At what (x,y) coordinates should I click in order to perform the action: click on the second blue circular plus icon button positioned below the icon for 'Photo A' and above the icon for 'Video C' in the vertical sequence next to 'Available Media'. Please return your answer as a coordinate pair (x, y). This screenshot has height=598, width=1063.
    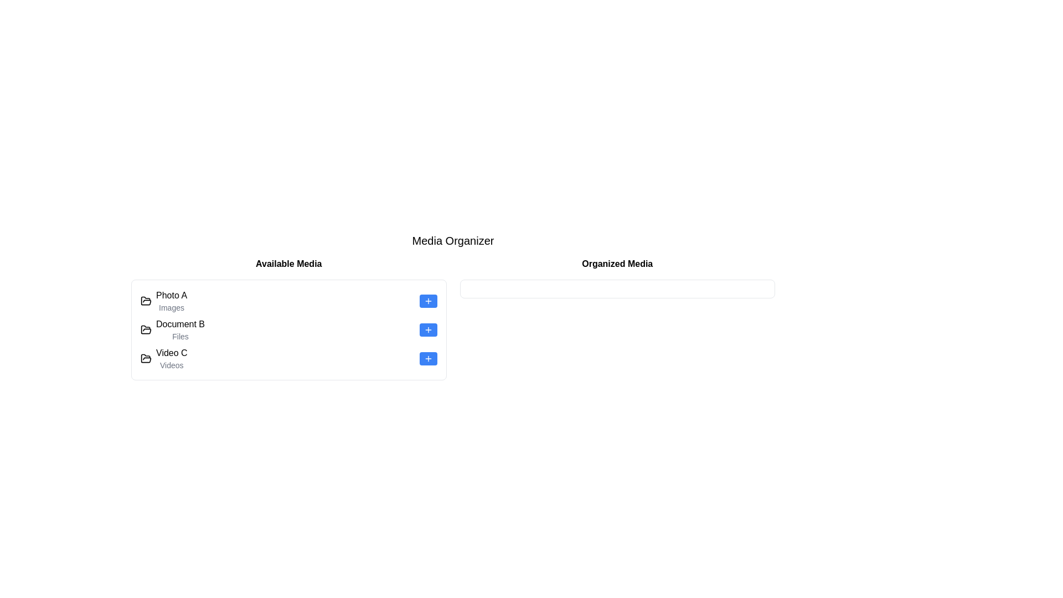
    Looking at the image, I should click on (427, 329).